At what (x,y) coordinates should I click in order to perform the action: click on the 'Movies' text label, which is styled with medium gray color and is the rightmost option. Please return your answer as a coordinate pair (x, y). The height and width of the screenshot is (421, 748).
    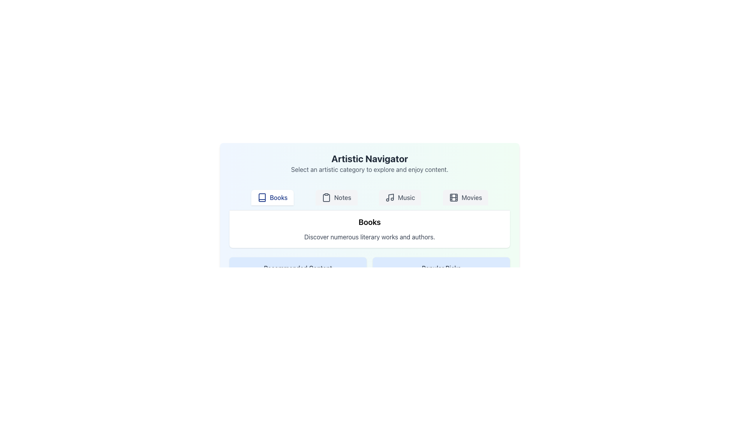
    Looking at the image, I should click on (471, 197).